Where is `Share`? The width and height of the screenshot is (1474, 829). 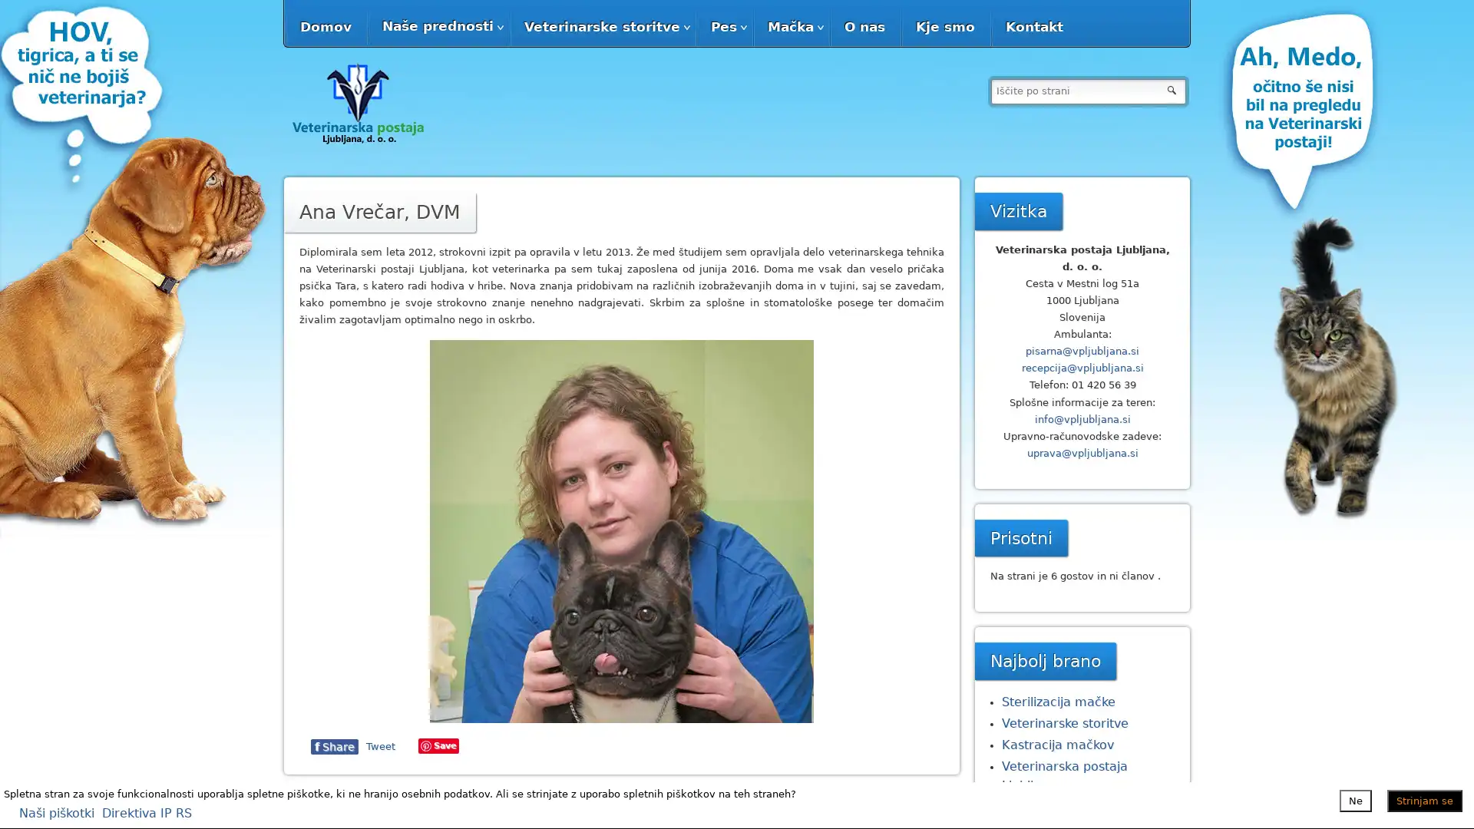
Share is located at coordinates (533, 745).